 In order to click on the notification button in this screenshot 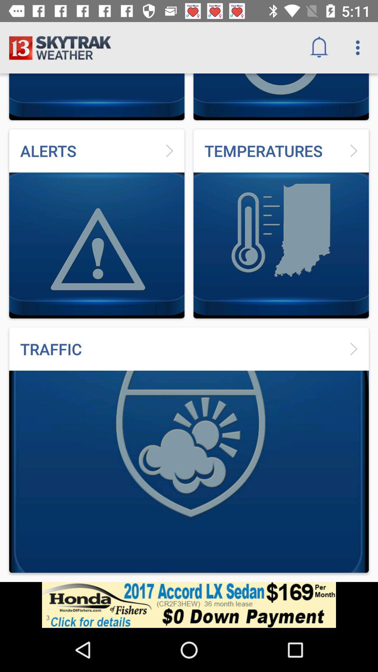, I will do `click(319, 48)`.